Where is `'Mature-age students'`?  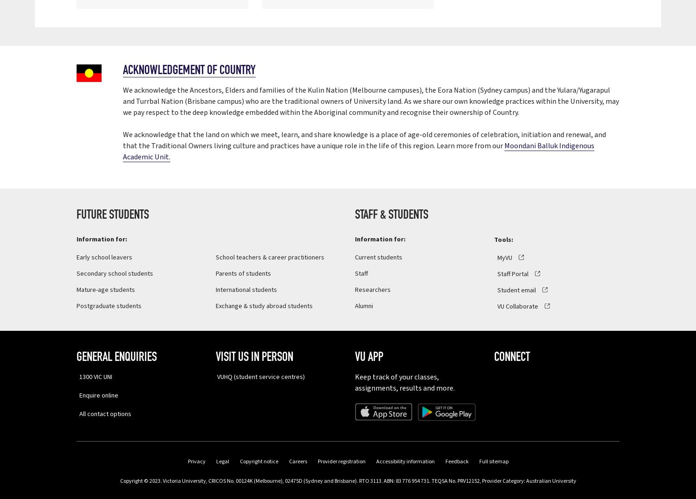 'Mature-age students' is located at coordinates (105, 289).